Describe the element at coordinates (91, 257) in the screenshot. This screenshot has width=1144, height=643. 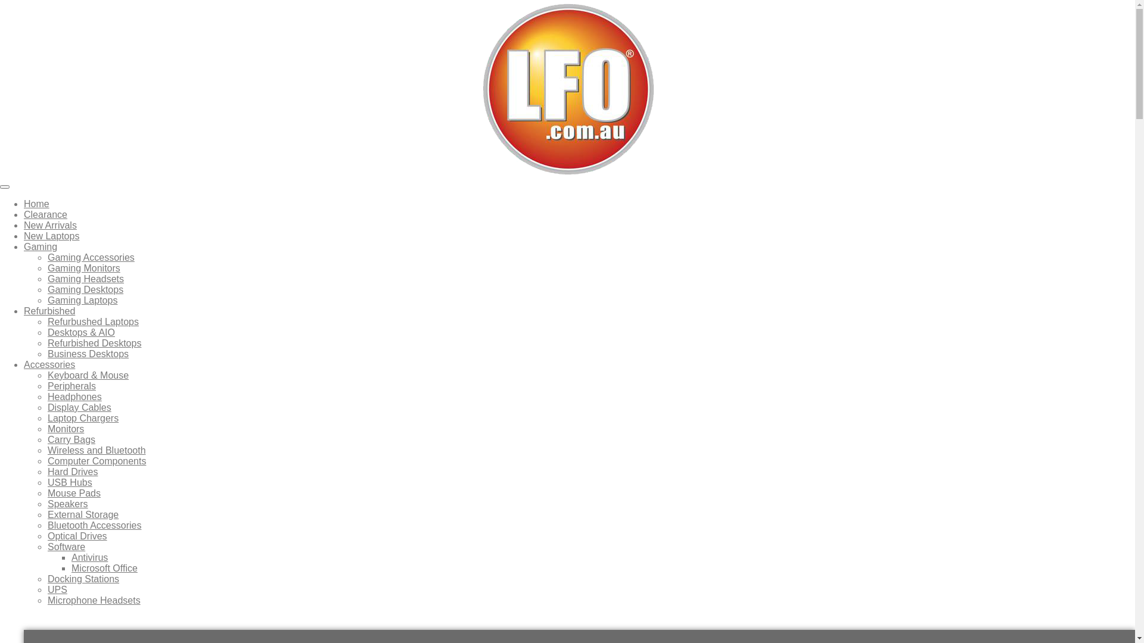
I see `'Gaming Accessories'` at that location.